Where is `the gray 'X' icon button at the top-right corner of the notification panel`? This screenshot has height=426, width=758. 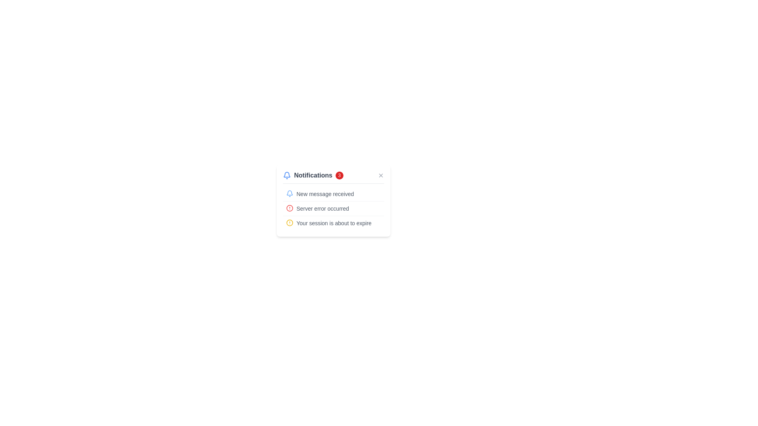 the gray 'X' icon button at the top-right corner of the notification panel is located at coordinates (381, 175).